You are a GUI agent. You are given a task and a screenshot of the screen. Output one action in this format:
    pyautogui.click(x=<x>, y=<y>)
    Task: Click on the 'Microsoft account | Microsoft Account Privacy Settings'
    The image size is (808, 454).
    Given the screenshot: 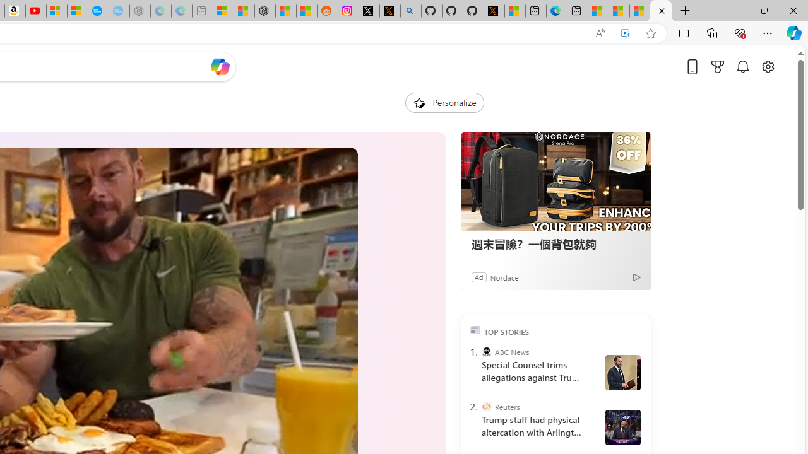 What is the action you would take?
    pyautogui.click(x=223, y=11)
    